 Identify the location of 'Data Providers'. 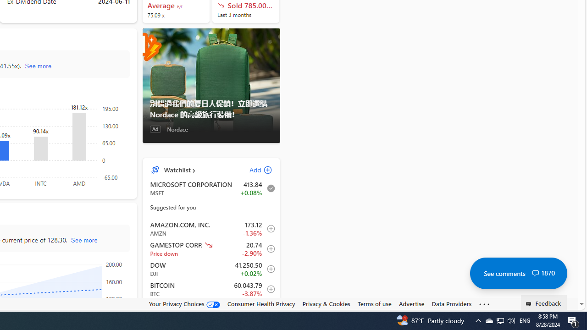
(451, 303).